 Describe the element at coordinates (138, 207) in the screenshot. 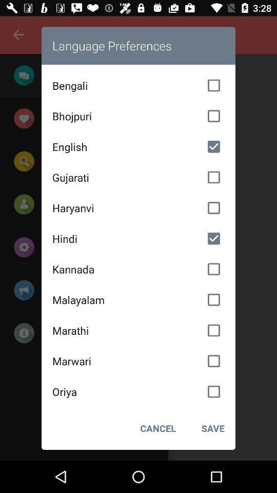

I see `the item below gujarati icon` at that location.